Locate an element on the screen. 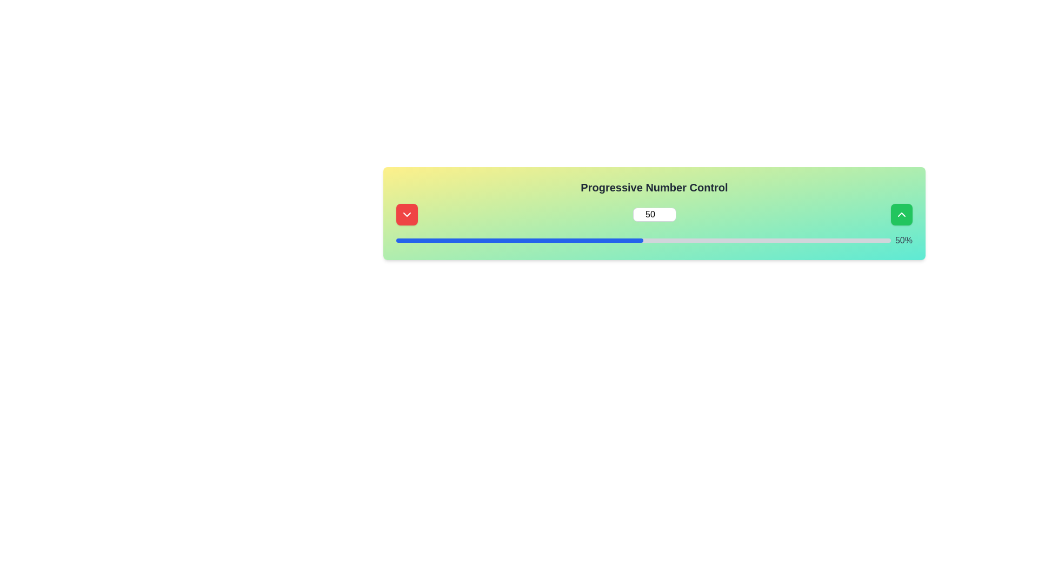 This screenshot has height=584, width=1038. the slider is located at coordinates (776, 240).